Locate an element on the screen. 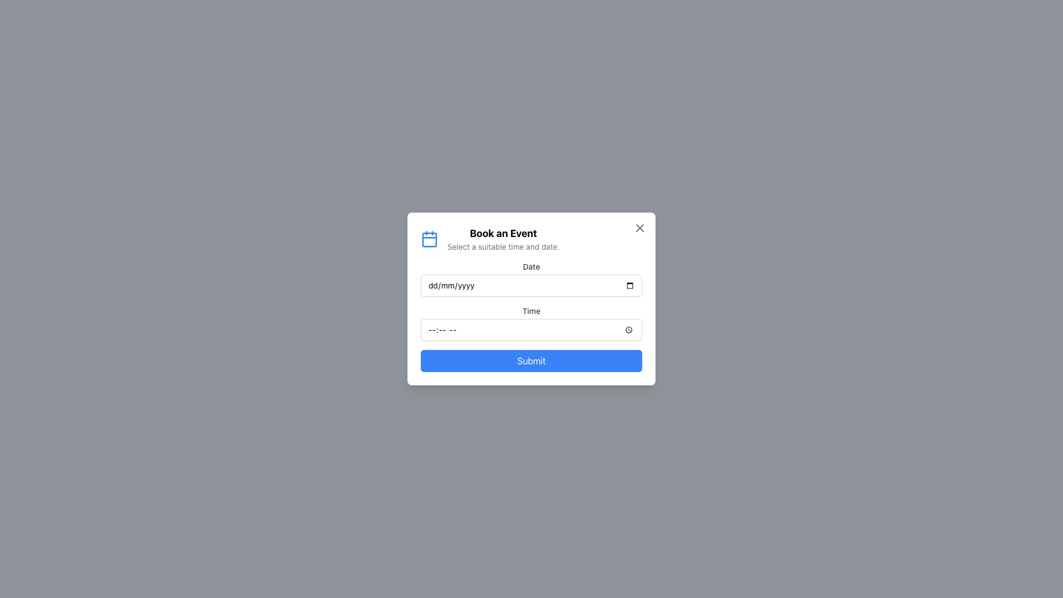  the blue 'Submit' button located at the bottom of the modal dialog interface, which has rounded corners and white text is located at coordinates (531, 360).